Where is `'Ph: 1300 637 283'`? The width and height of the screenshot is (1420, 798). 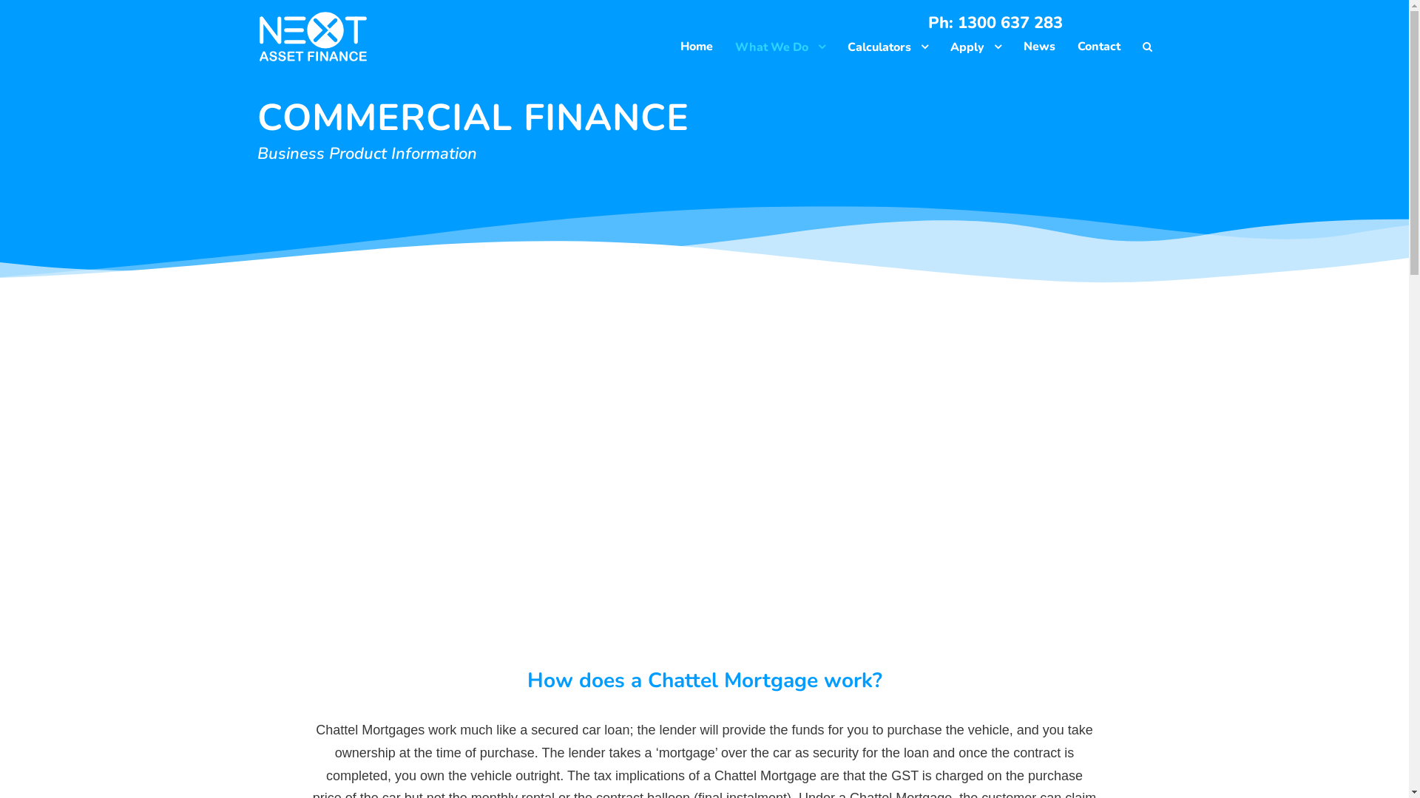
'Ph: 1300 637 283' is located at coordinates (994, 23).